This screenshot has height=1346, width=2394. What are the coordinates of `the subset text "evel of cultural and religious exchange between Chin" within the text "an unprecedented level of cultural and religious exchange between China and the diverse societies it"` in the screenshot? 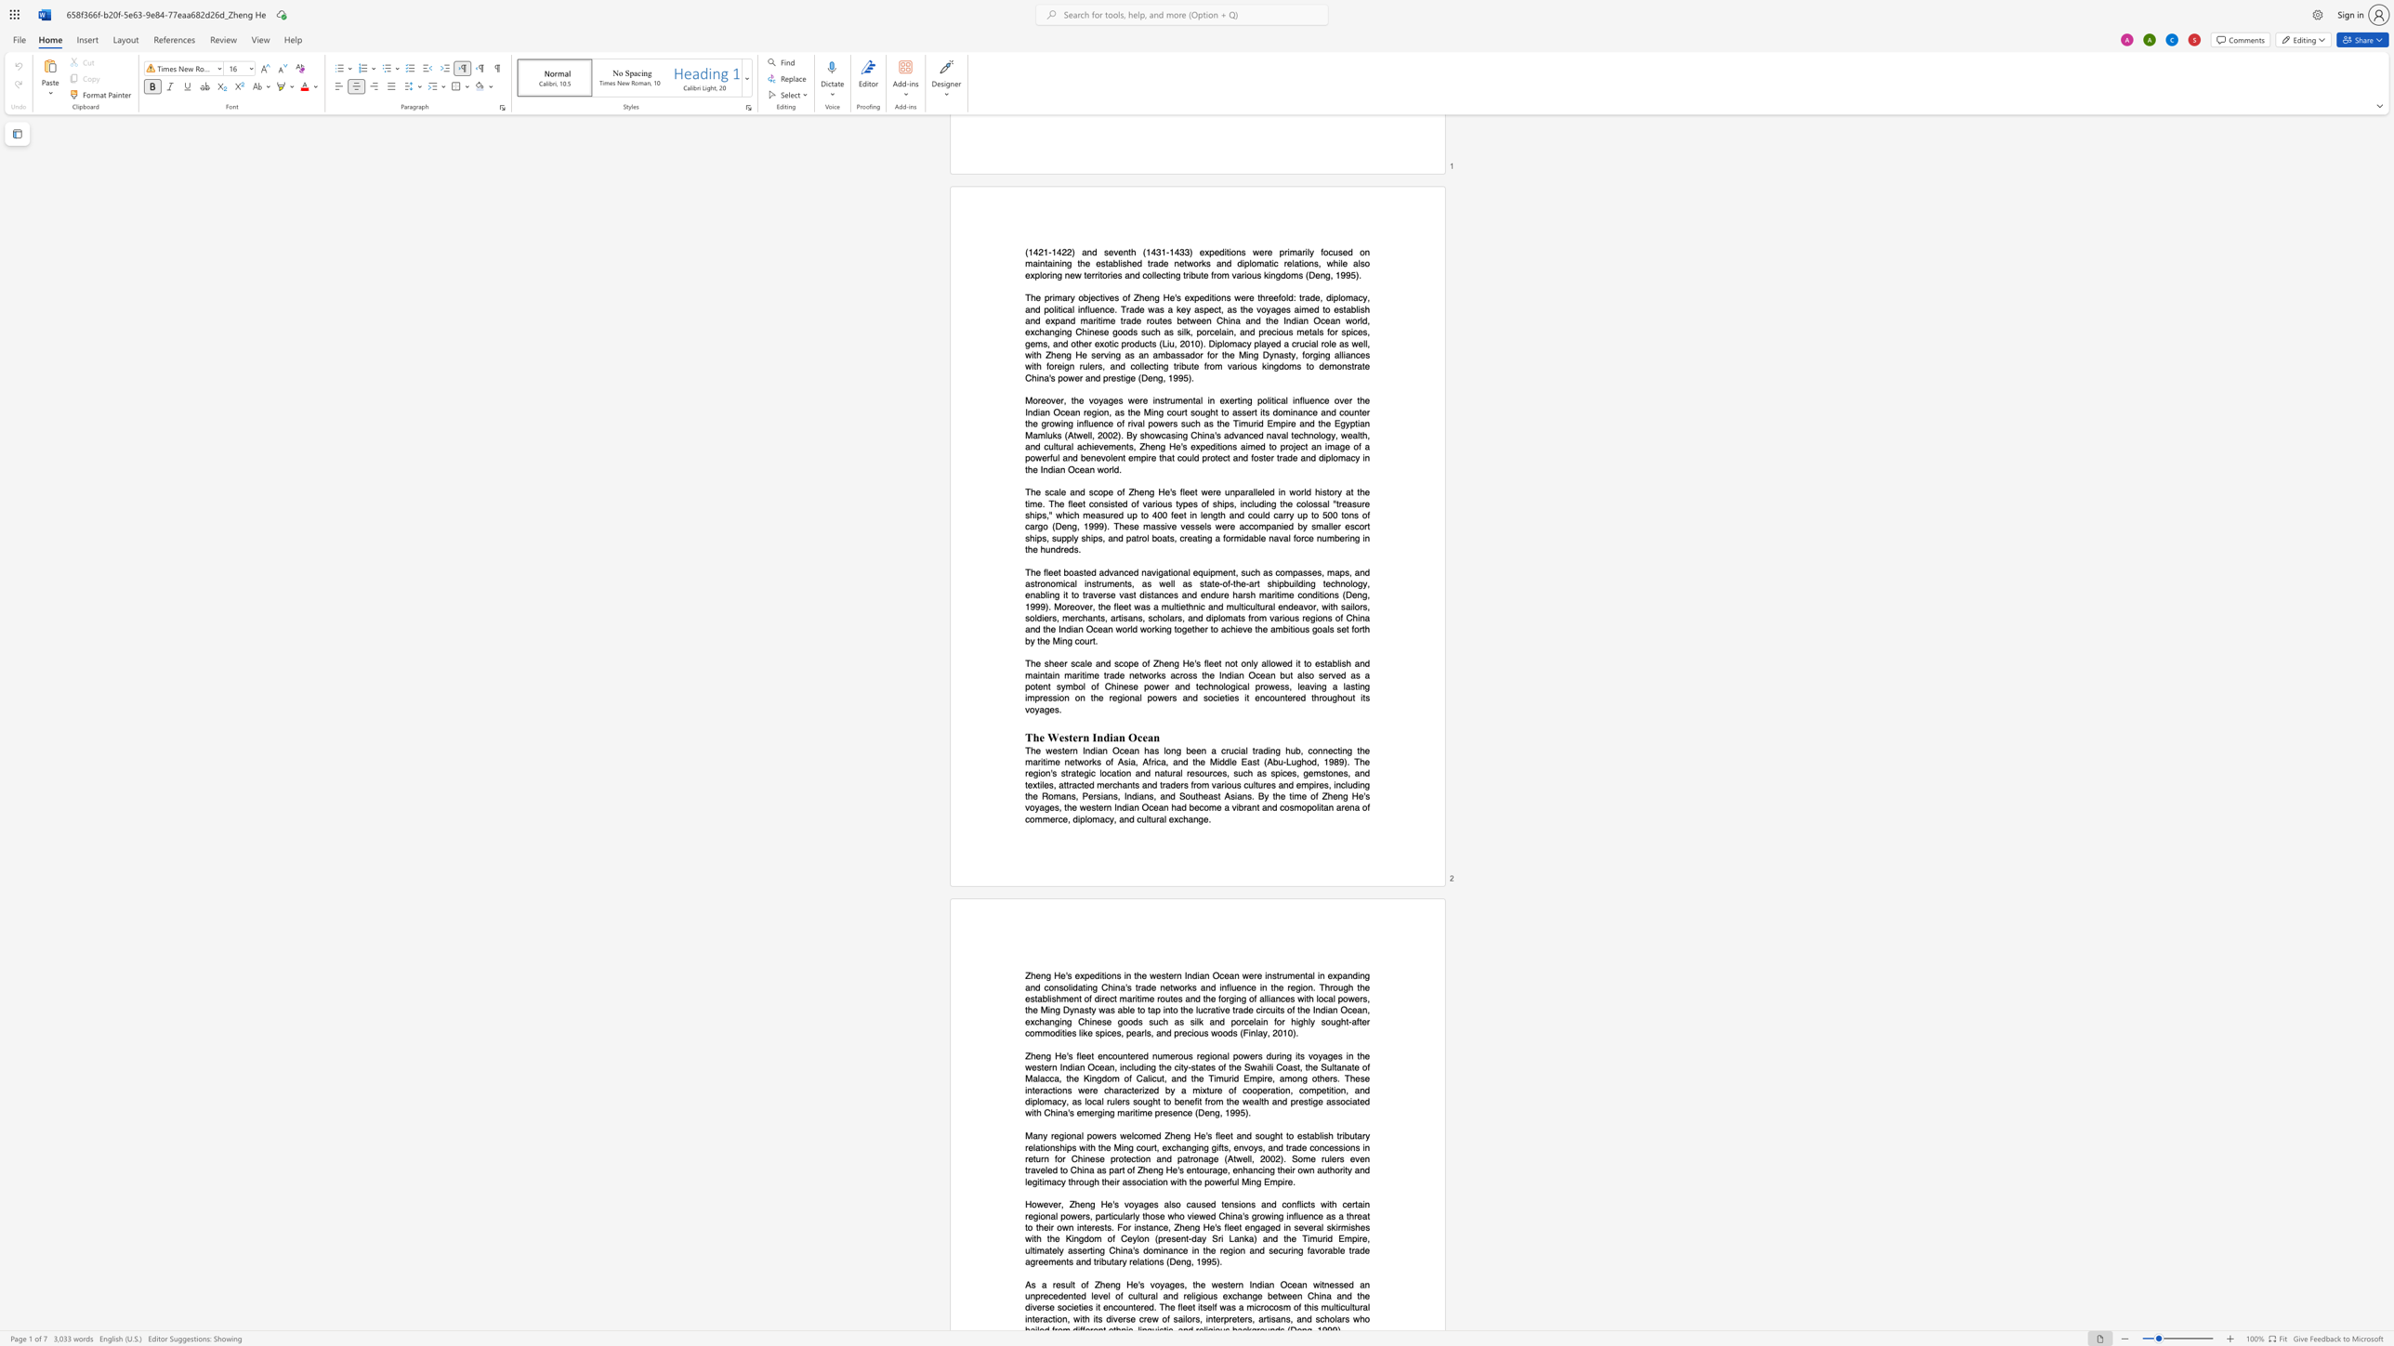 It's located at (1093, 1296).